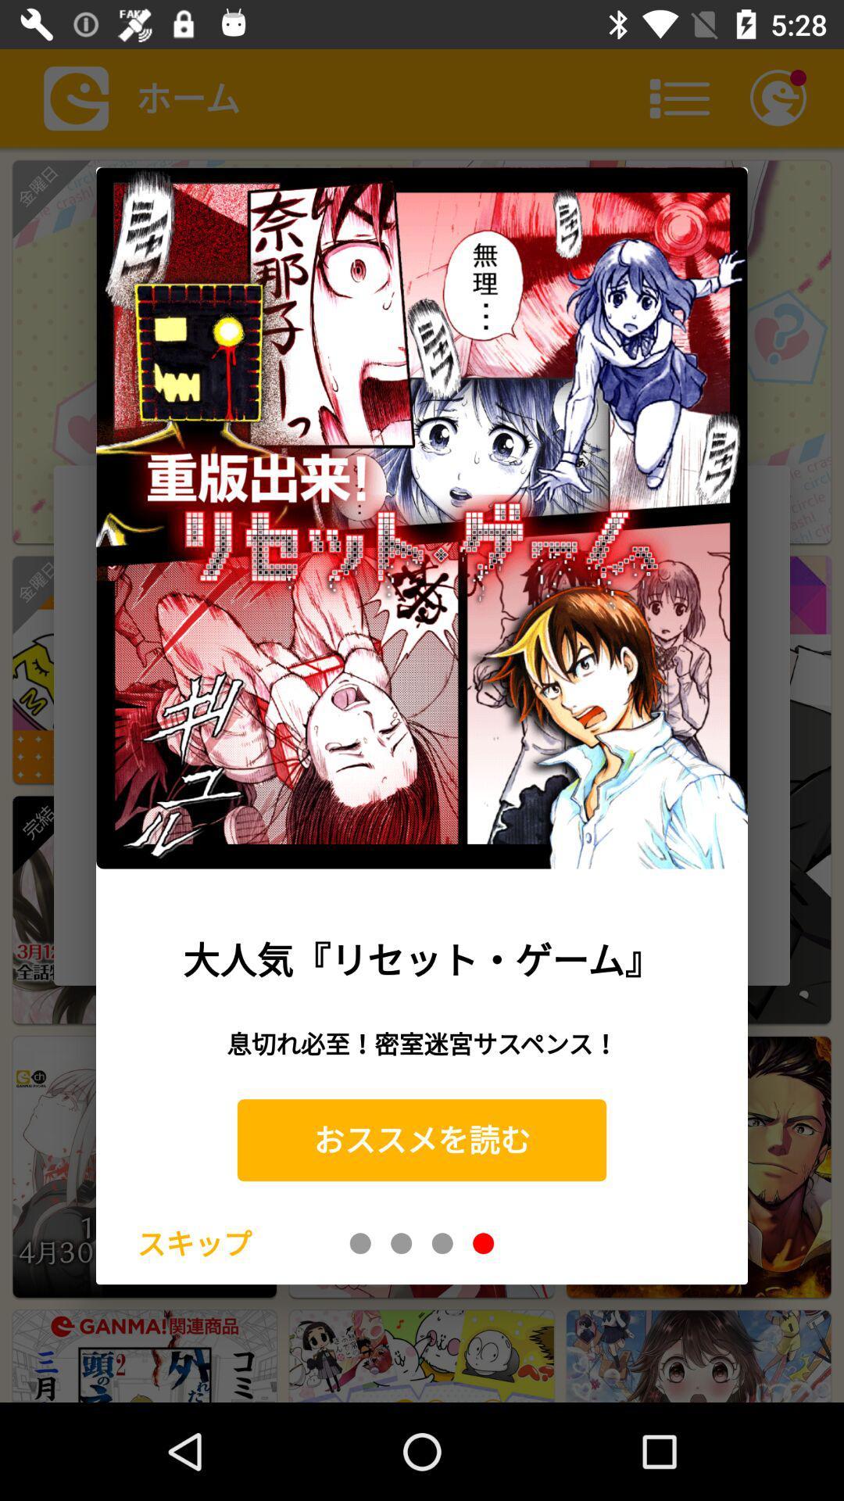 This screenshot has width=844, height=1501. What do you see at coordinates (360, 1242) in the screenshot?
I see `previous page` at bounding box center [360, 1242].